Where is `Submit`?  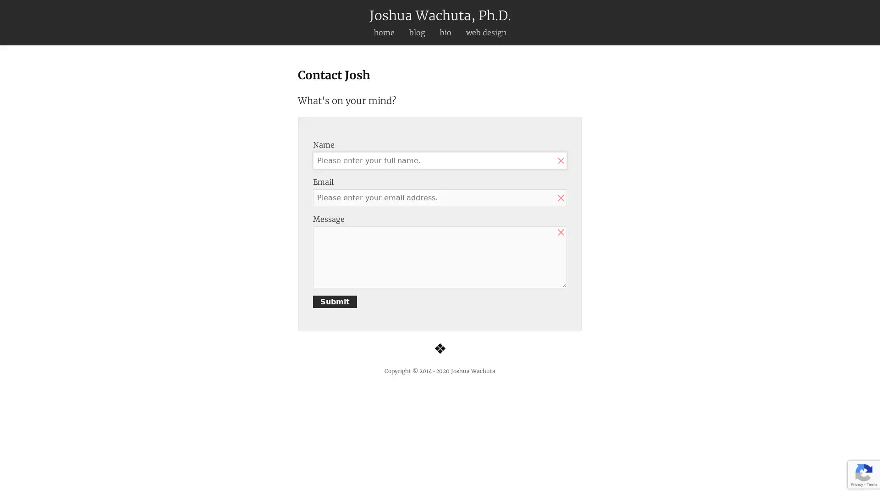
Submit is located at coordinates (334, 301).